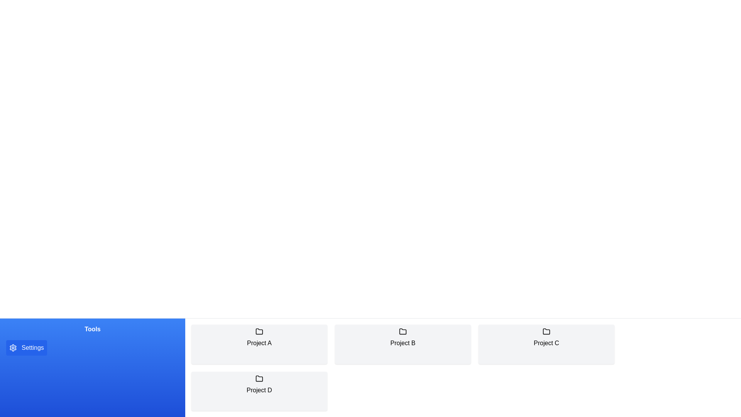  I want to click on the folder icon representing 'Project D', which is the fourth project in the layout and located in the bottom row of project representations, so click(259, 378).